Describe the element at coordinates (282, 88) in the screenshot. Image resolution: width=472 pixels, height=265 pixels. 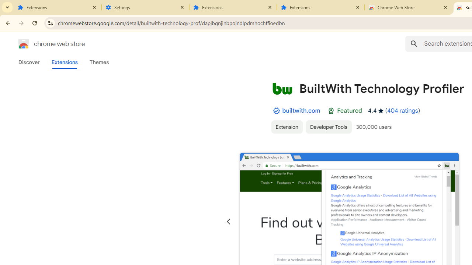
I see `'Item logo image for BuiltWith Technology Profiler'` at that location.